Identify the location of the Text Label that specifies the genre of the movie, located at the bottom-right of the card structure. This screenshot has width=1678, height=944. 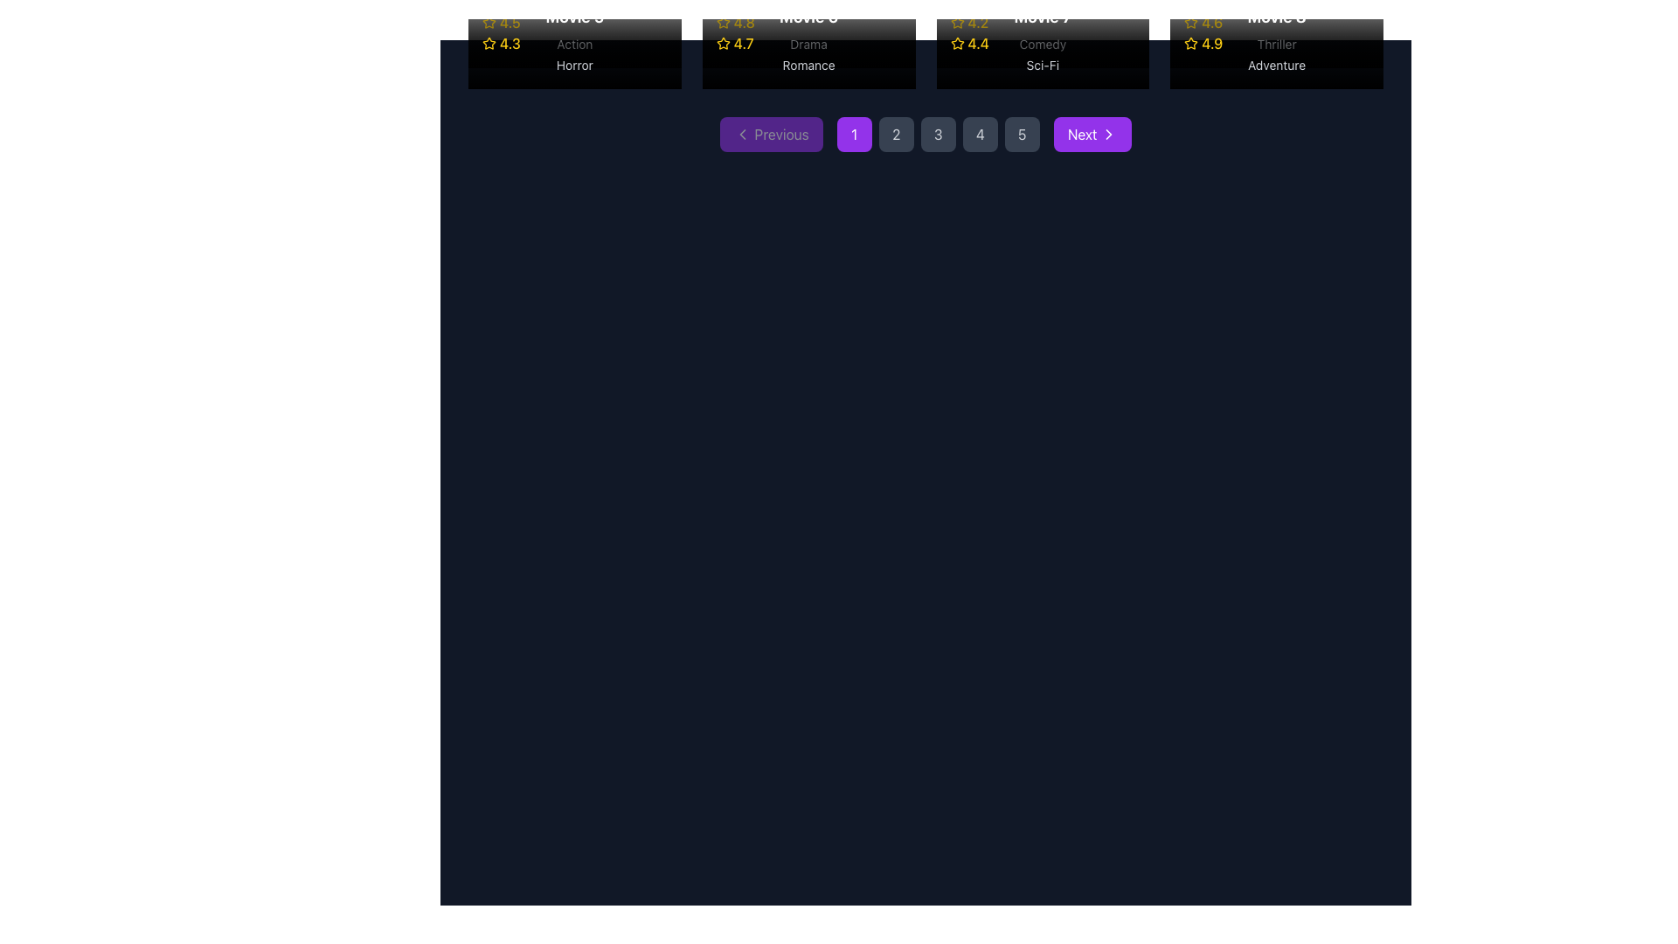
(1043, 43).